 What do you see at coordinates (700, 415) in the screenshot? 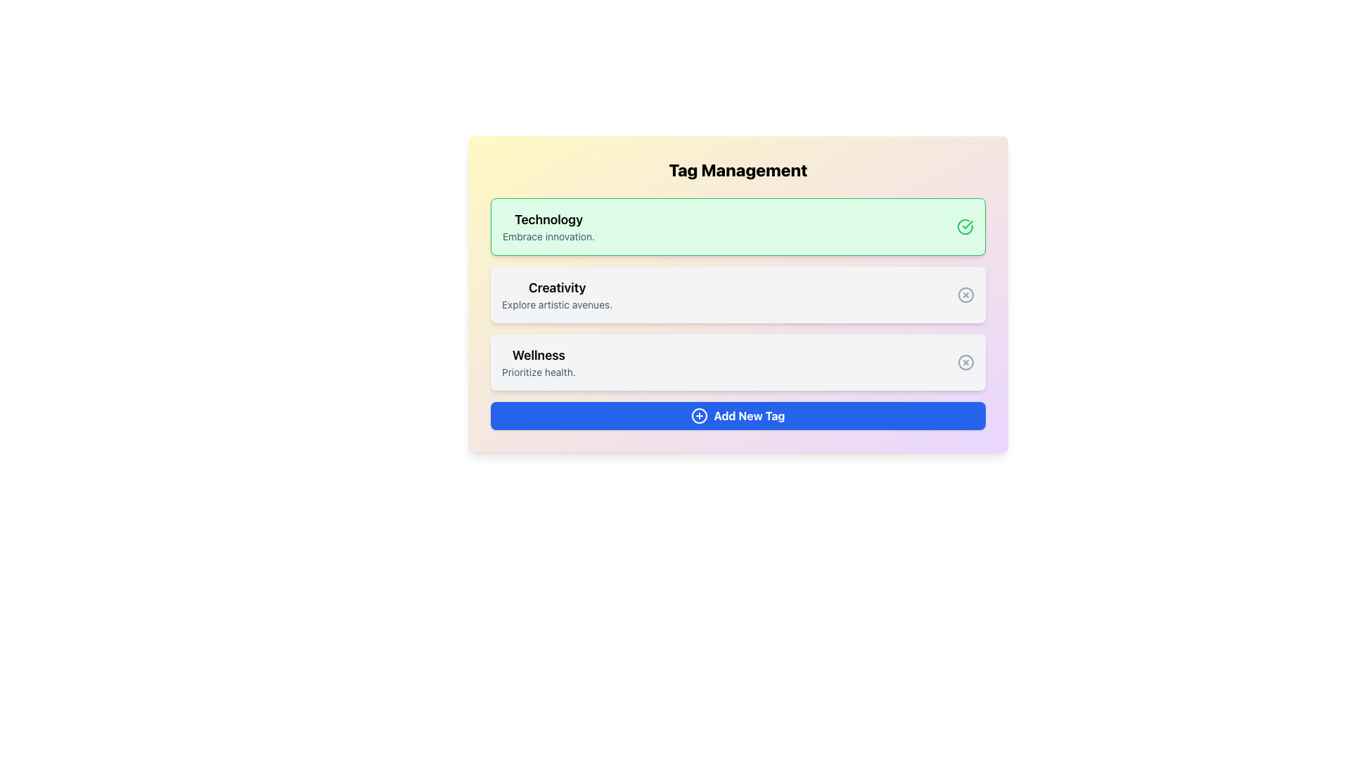
I see `the informational icon located on the left side of the blue 'Add New Tag' button at the bottom center of the interface` at bounding box center [700, 415].